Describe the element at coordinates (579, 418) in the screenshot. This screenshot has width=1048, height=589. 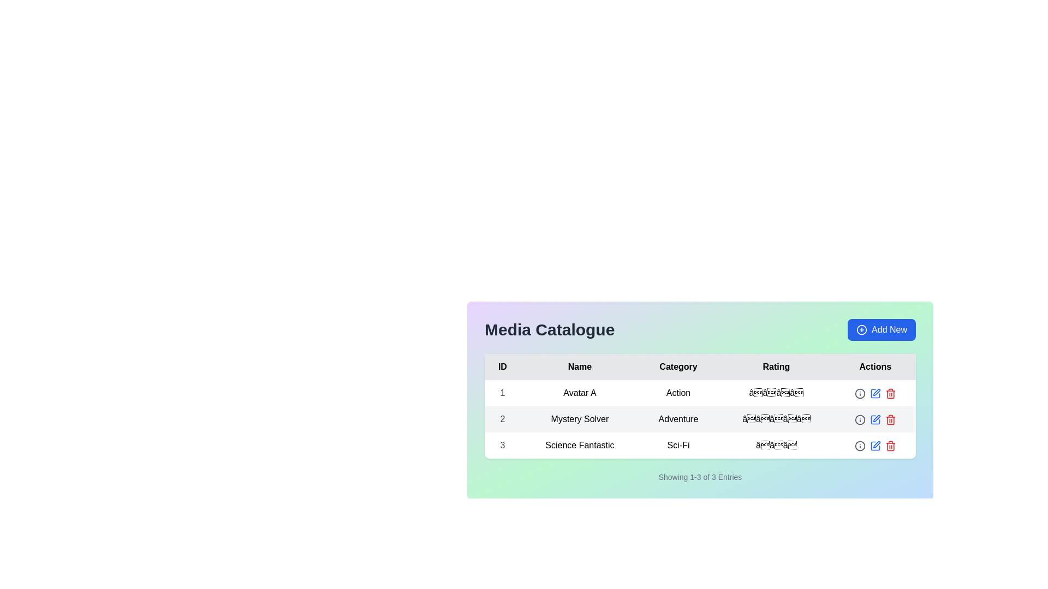
I see `on the table cell displaying the text 'Mystery Solver' in the second row under the 'Name' column` at that location.